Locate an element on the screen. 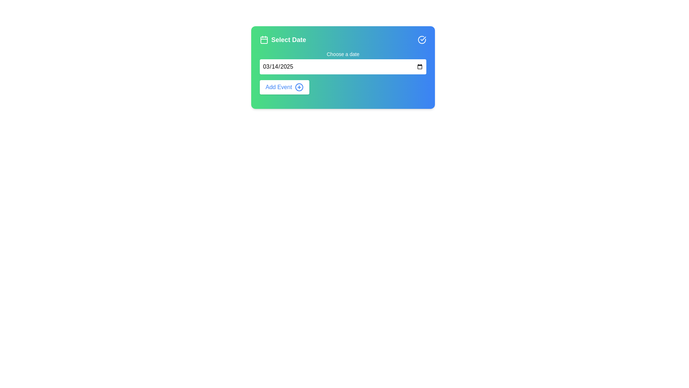  the circular SVG graphic element that is part of the 'Add Event' button, which is located in the lower-left quadrant of the interface is located at coordinates (299, 87).